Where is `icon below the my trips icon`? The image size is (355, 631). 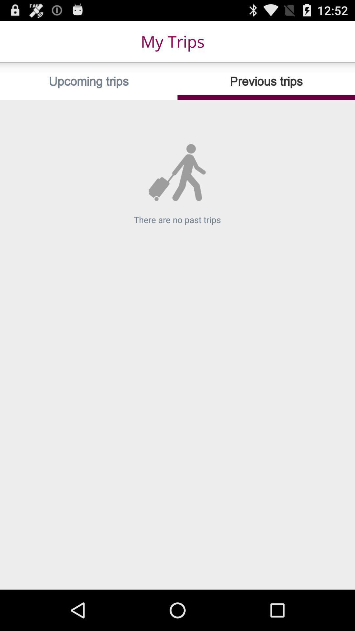
icon below the my trips icon is located at coordinates (89, 81).